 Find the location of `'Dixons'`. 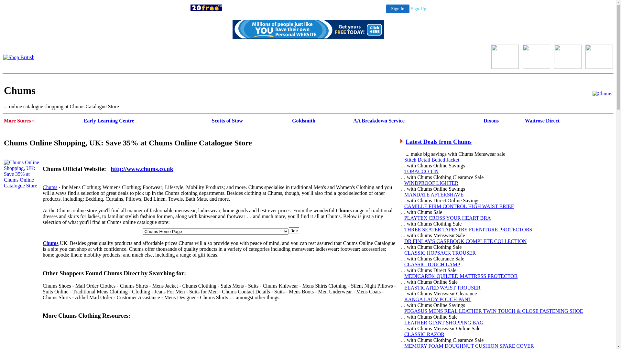

'Dixons' is located at coordinates (491, 121).